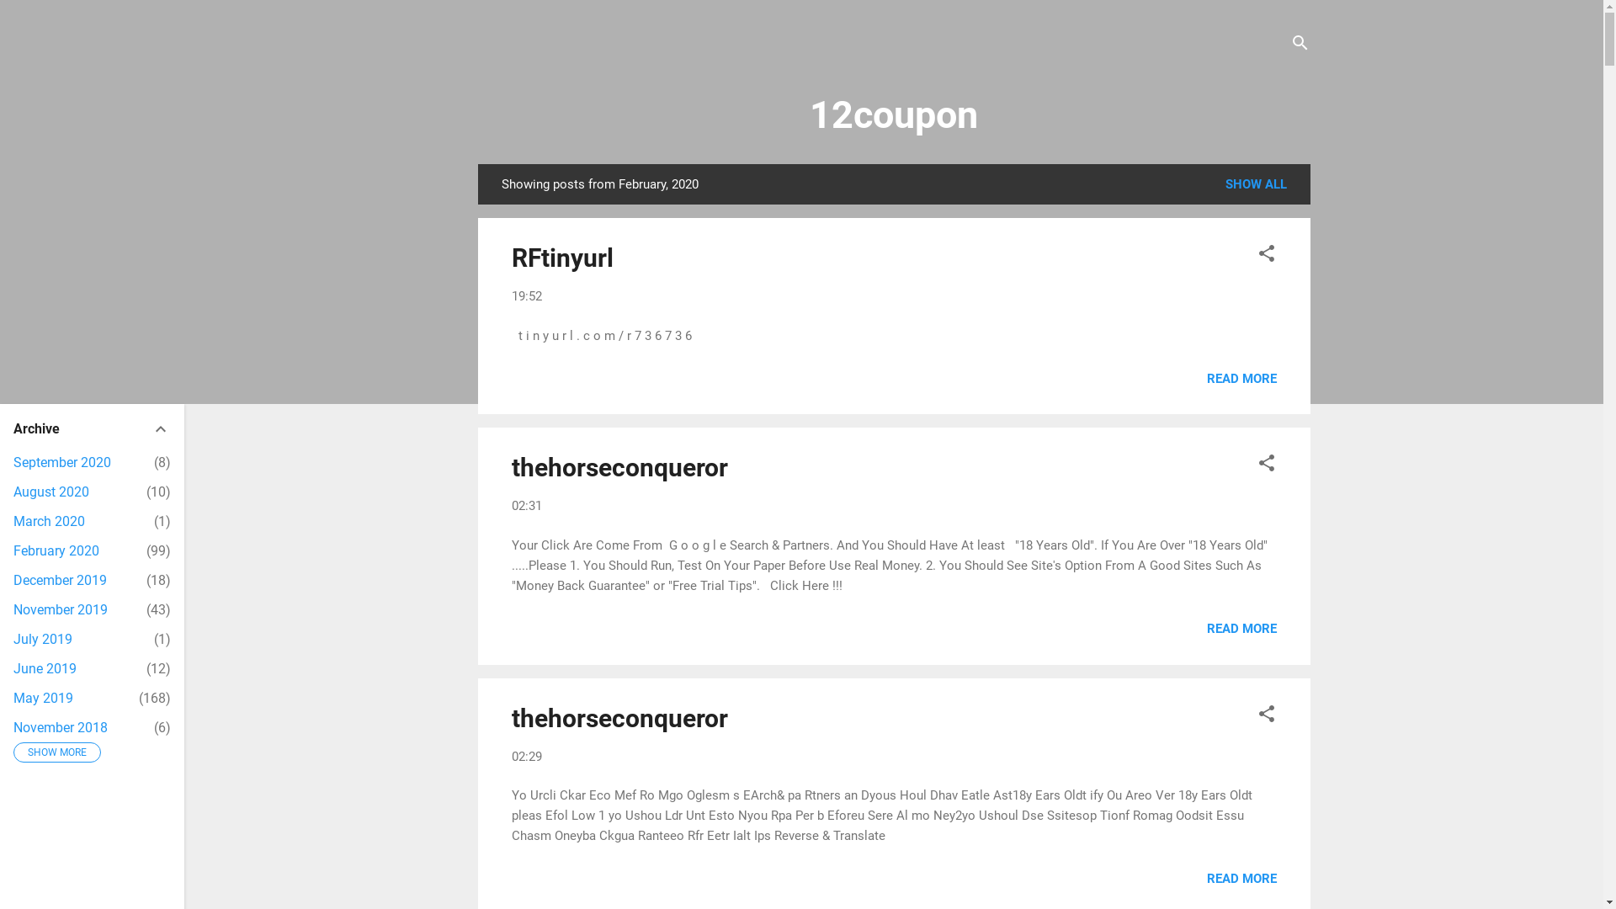 The image size is (1616, 909). What do you see at coordinates (49, 520) in the screenshot?
I see `'March 2020` at bounding box center [49, 520].